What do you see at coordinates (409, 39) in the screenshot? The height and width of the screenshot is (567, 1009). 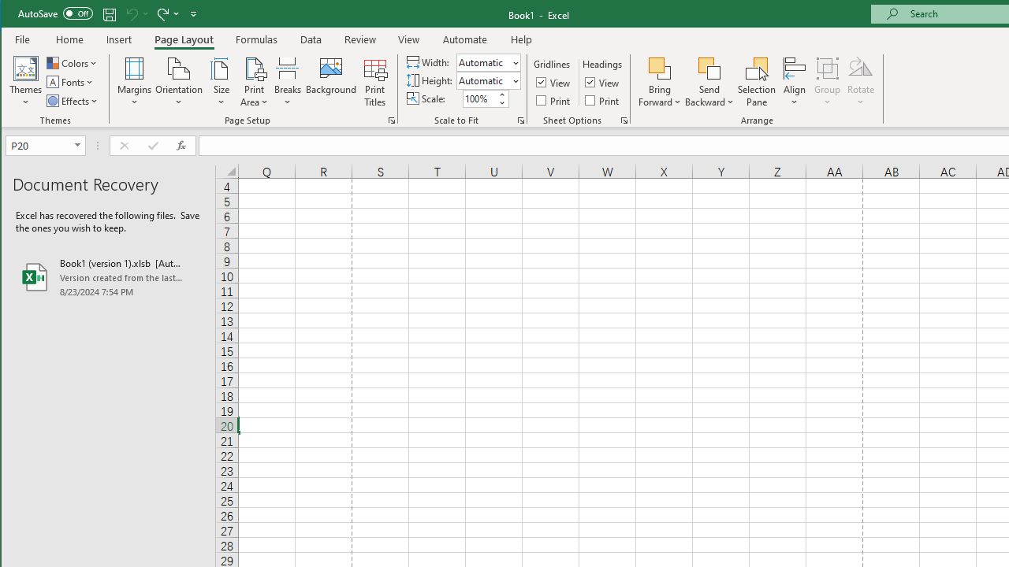 I see `'View'` at bounding box center [409, 39].